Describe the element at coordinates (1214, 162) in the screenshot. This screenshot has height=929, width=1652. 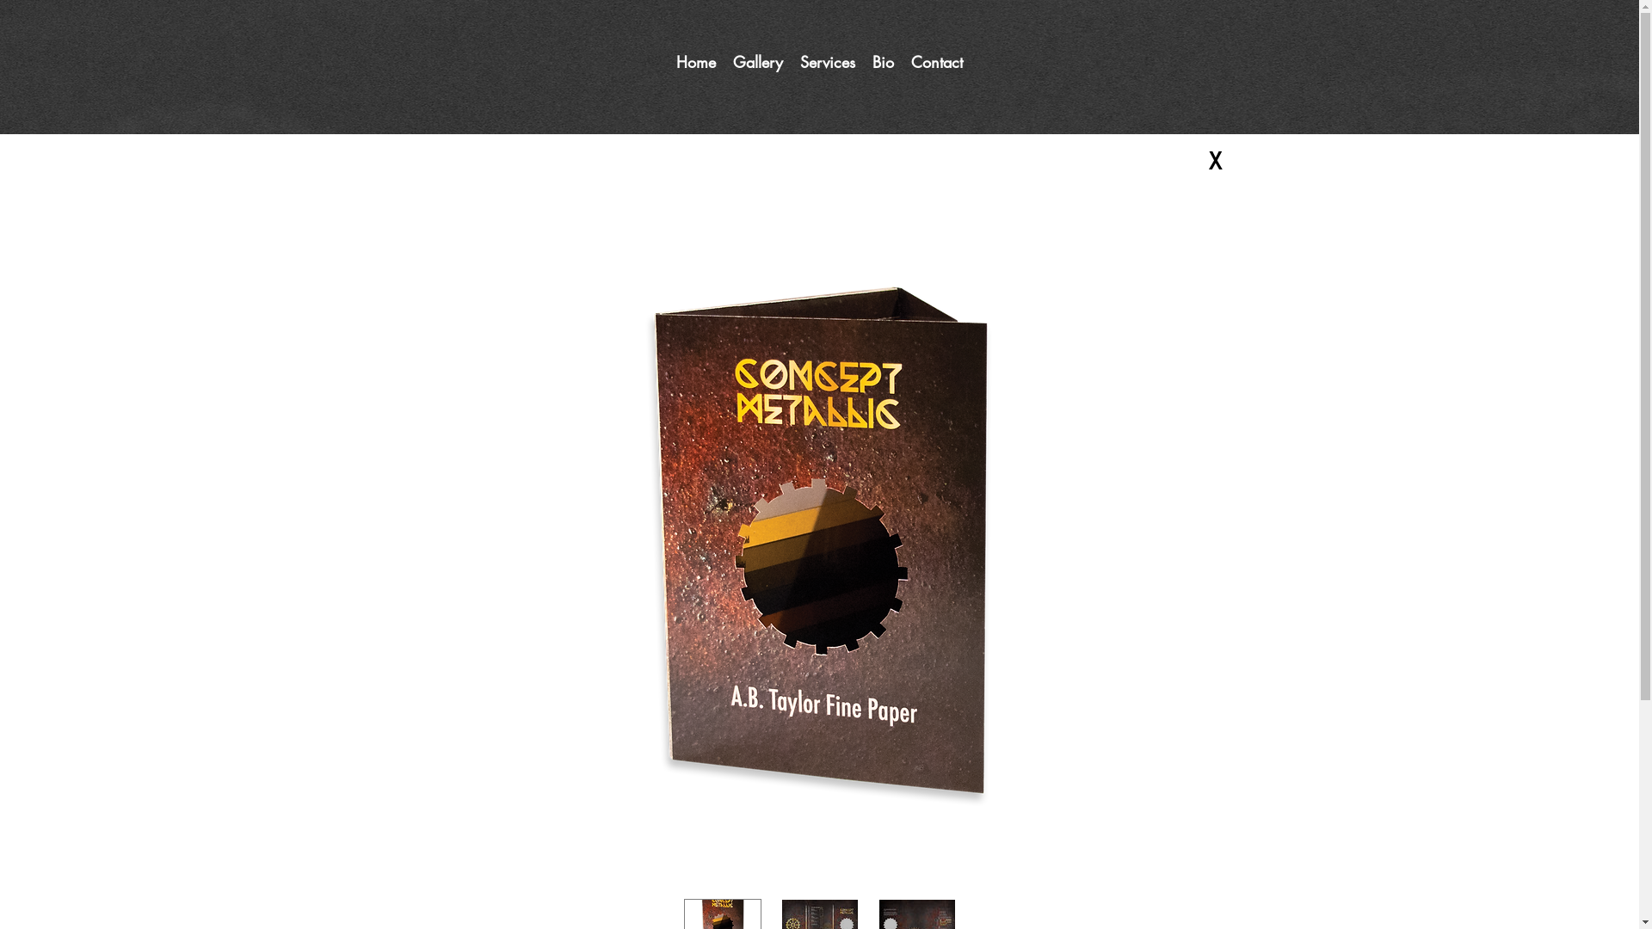
I see `'X'` at that location.